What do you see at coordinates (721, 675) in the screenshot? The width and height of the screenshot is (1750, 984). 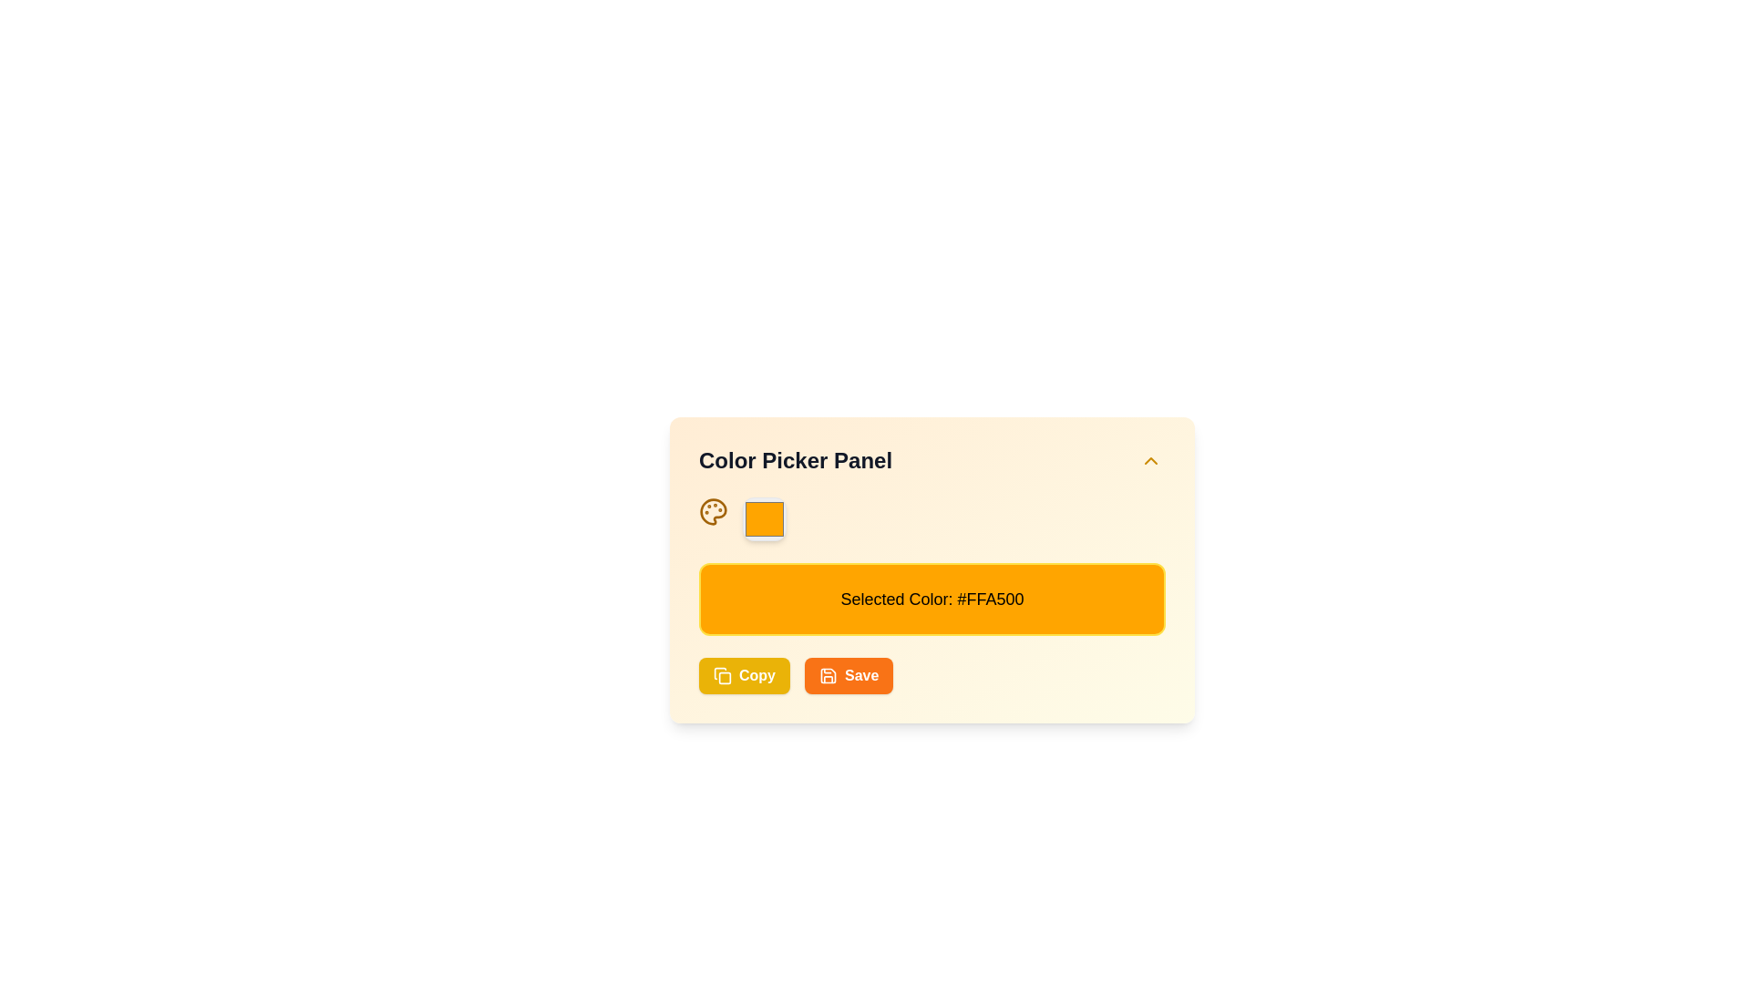 I see `the squared copy icon located within the yellow 'Copy' button at the bottom left of the panel` at bounding box center [721, 675].